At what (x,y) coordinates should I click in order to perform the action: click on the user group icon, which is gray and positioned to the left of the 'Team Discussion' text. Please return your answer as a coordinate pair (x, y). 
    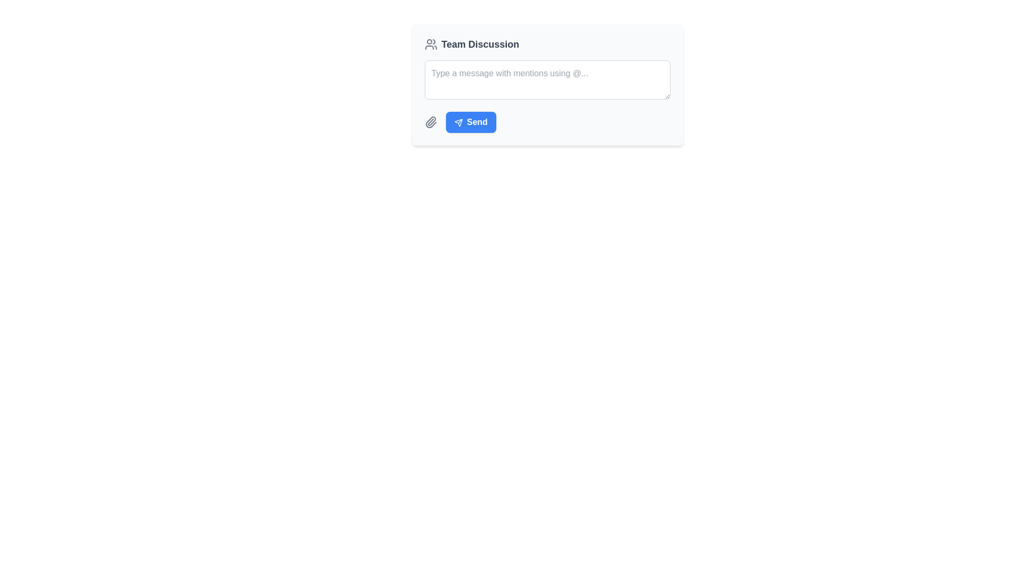
    Looking at the image, I should click on (431, 44).